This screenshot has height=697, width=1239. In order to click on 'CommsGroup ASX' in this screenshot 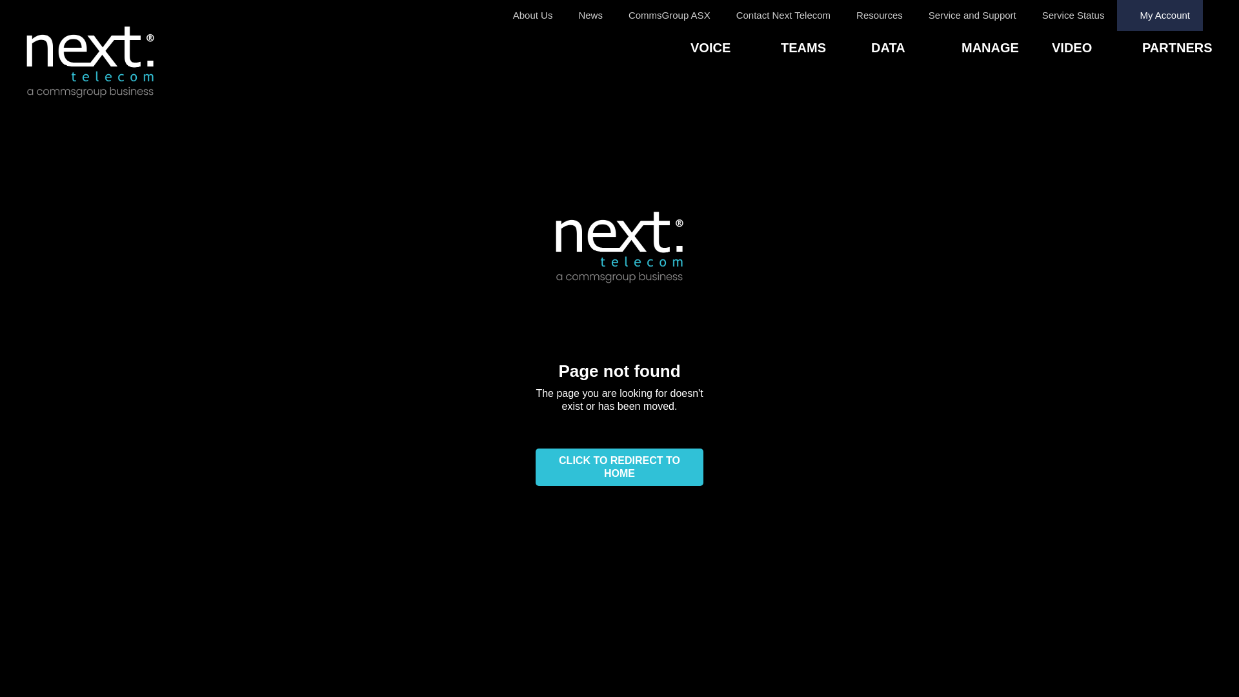, I will do `click(669, 15)`.